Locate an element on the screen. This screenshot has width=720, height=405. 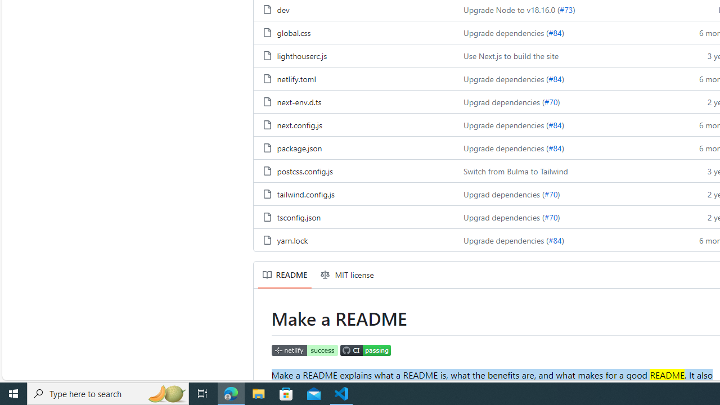
'MIT license' is located at coordinates (347, 274).